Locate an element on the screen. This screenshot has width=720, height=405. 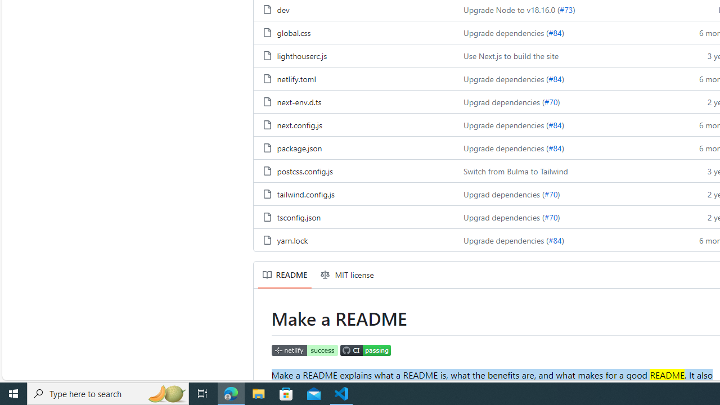
'MIT license' is located at coordinates (347, 274).